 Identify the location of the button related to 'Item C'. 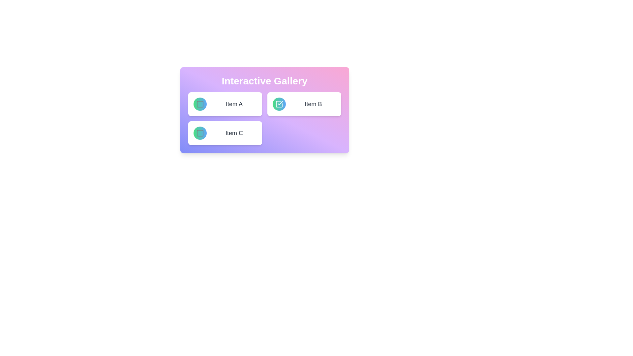
(199, 133).